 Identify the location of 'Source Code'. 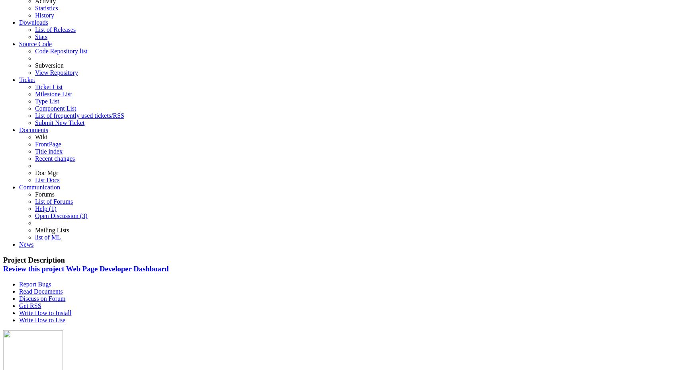
(19, 44).